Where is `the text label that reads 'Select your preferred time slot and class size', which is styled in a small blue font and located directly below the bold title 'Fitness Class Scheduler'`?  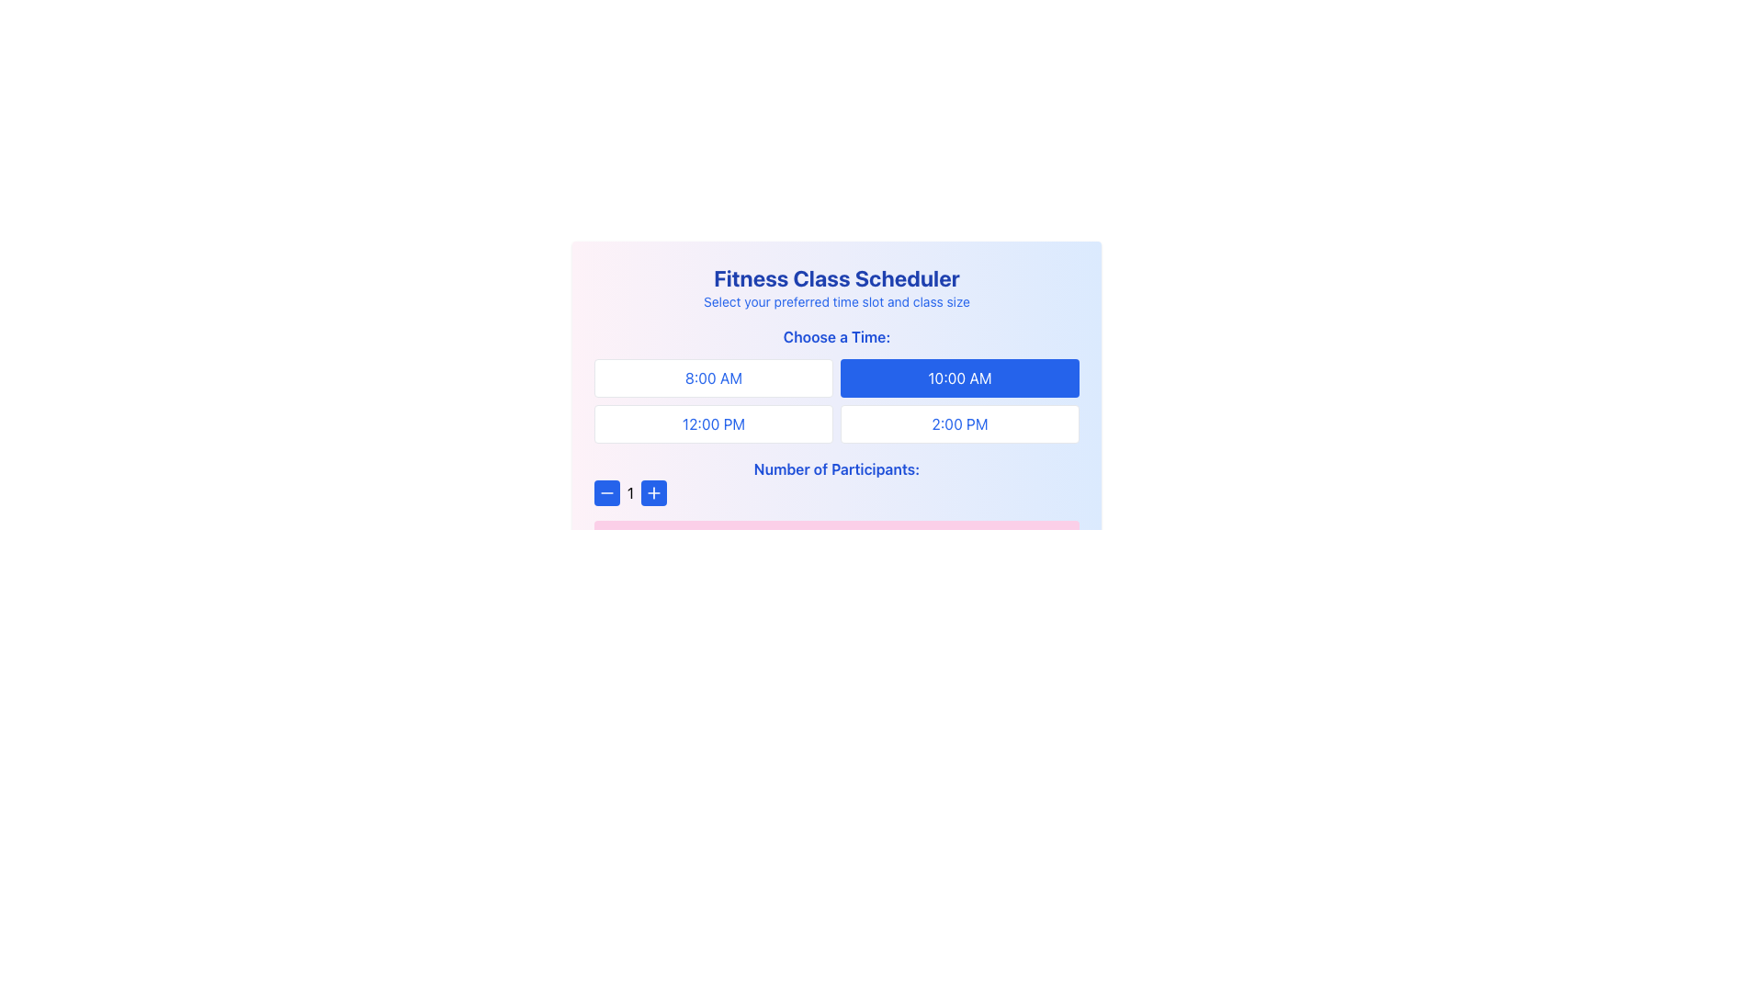 the text label that reads 'Select your preferred time slot and class size', which is styled in a small blue font and located directly below the bold title 'Fitness Class Scheduler' is located at coordinates (836, 300).